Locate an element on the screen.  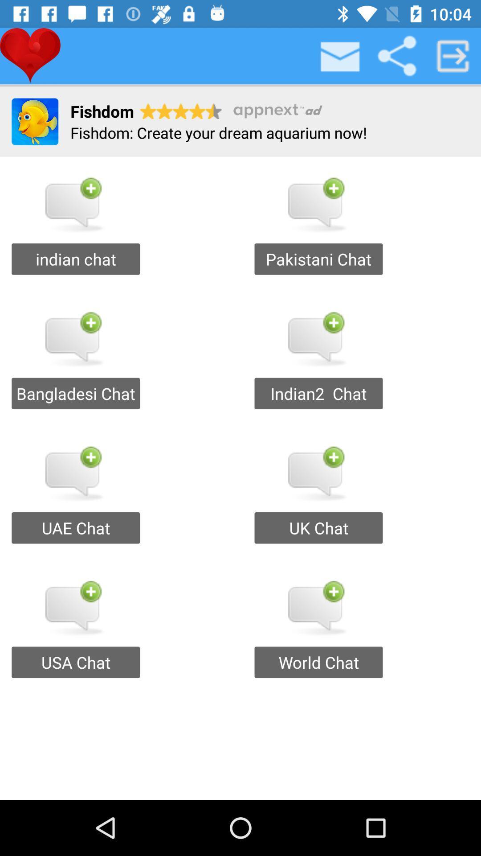
send to someone is located at coordinates (453, 55).